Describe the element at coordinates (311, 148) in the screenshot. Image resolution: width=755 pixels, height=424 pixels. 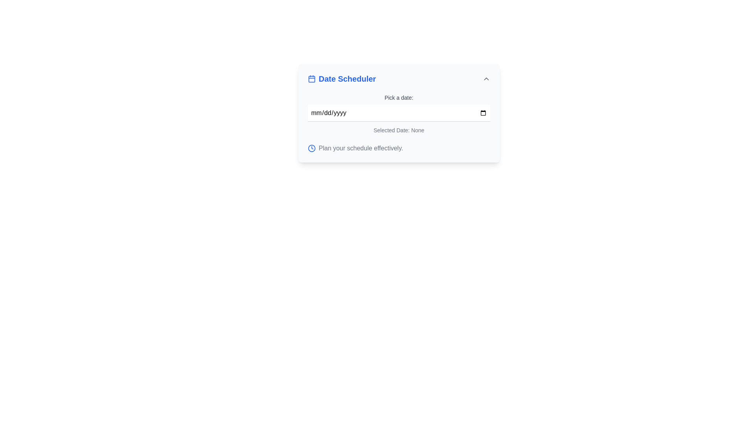
I see `the decorative icon located to the left of the text 'Plan your schedule effectively.' and below the label 'Selected Date: None'` at that location.